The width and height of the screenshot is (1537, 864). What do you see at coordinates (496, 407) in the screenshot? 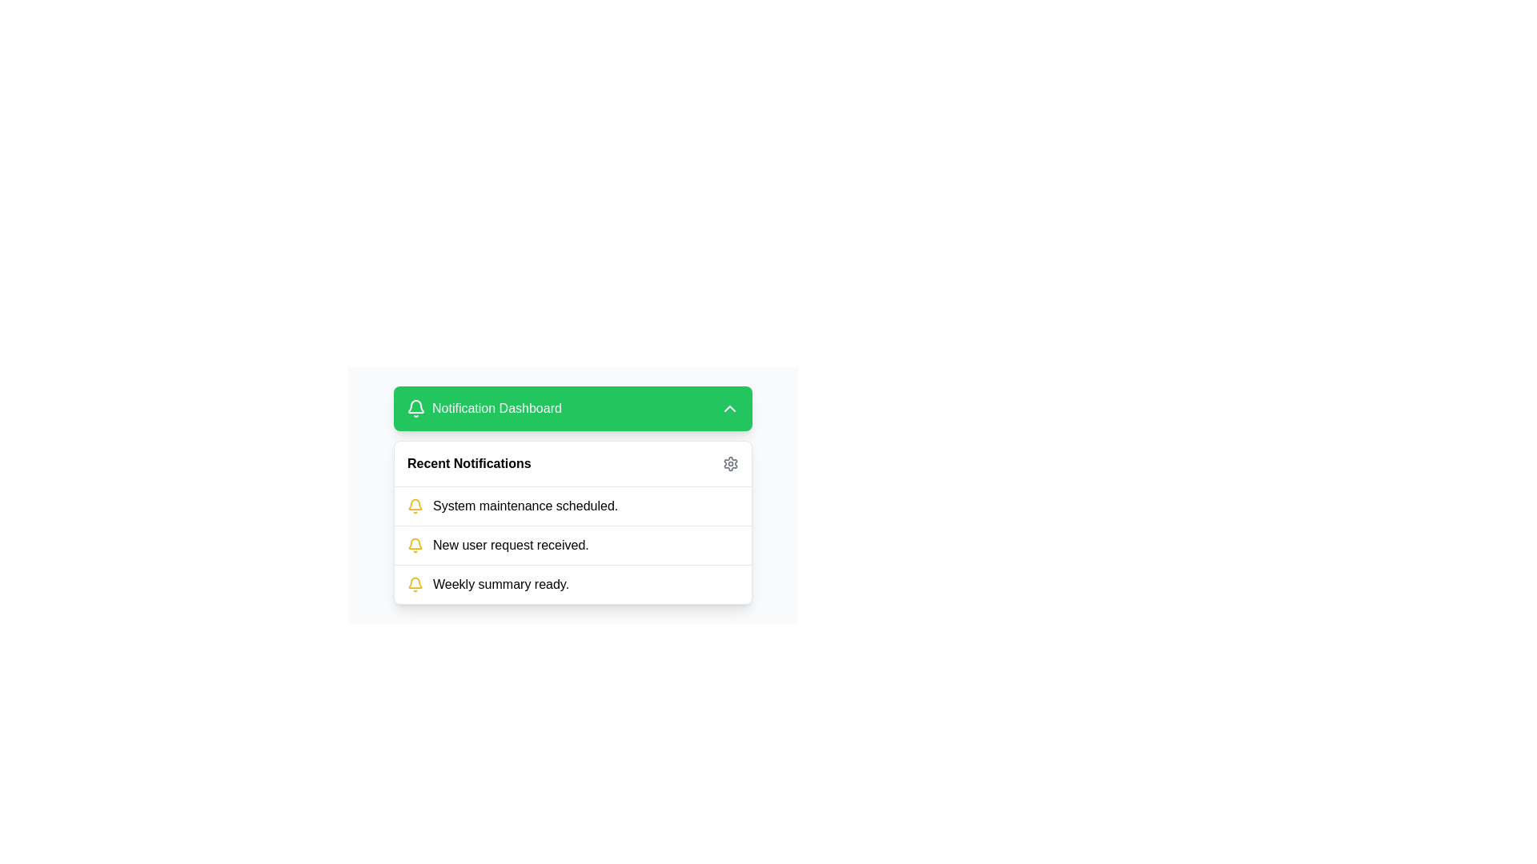
I see `the text label 'Notification Dashboard', which is styled with a white font on a green background and is positioned next to a bell icon in the notification panel` at bounding box center [496, 407].